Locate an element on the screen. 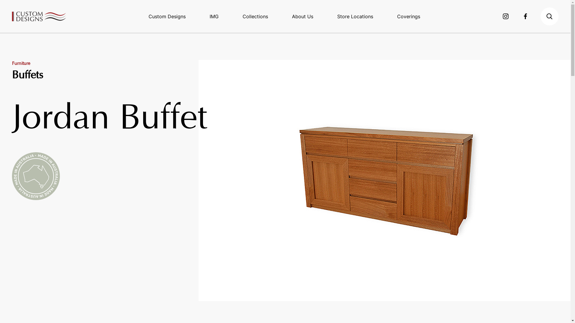 This screenshot has height=323, width=575. 'Custom Designs' is located at coordinates (167, 16).